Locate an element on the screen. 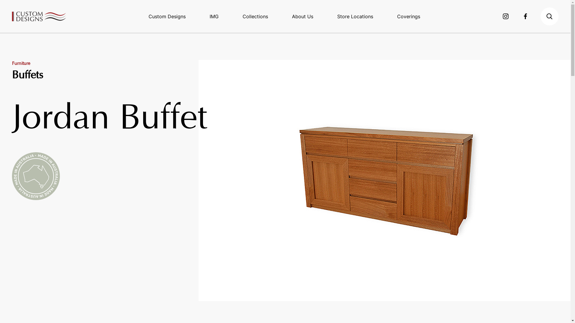 This screenshot has height=323, width=575. 'Custom Designs' is located at coordinates (167, 16).